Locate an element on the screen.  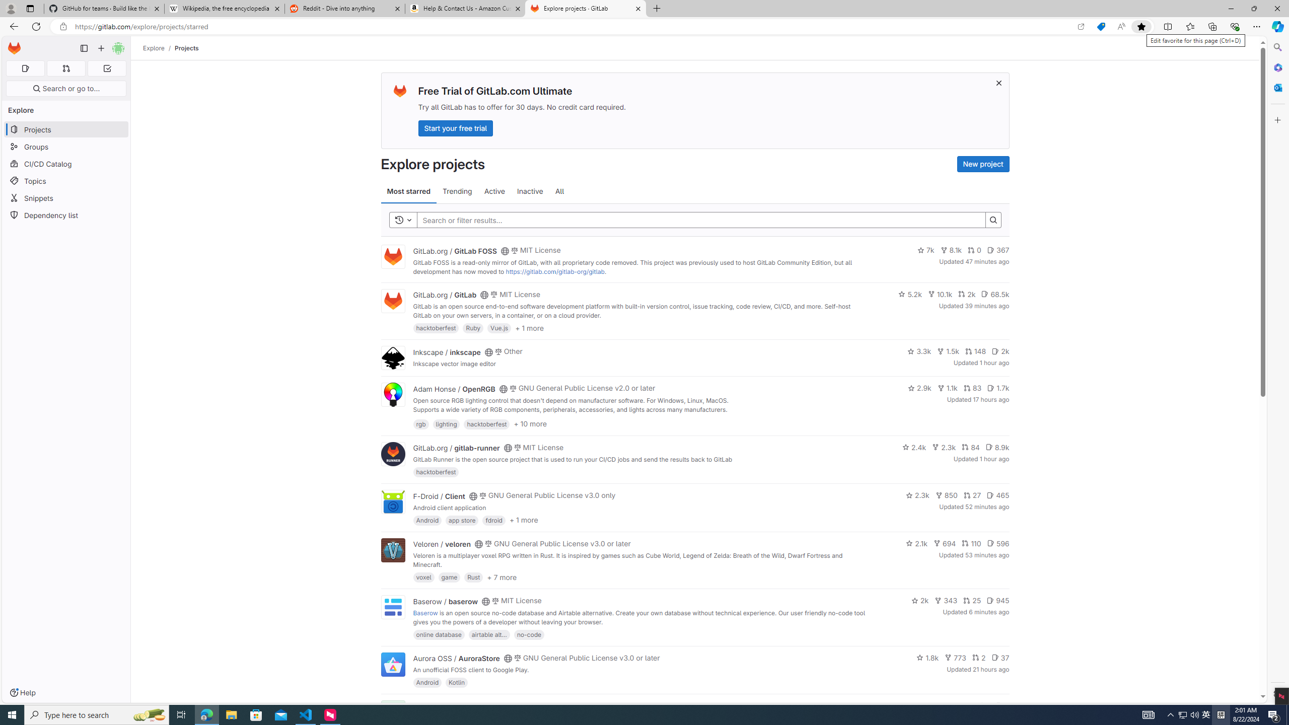
'773' is located at coordinates (955, 657).